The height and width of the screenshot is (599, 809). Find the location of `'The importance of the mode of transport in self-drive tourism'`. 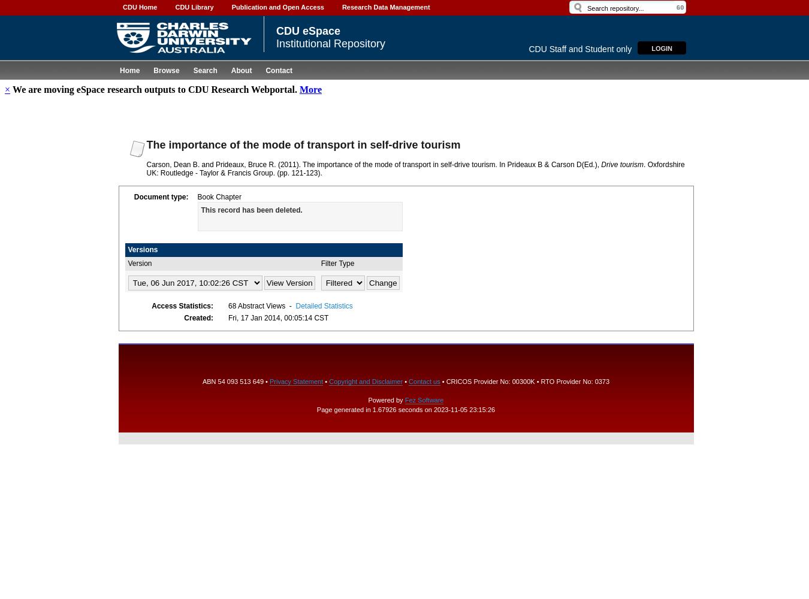

'The importance of the mode of transport in self-drive tourism' is located at coordinates (302, 144).